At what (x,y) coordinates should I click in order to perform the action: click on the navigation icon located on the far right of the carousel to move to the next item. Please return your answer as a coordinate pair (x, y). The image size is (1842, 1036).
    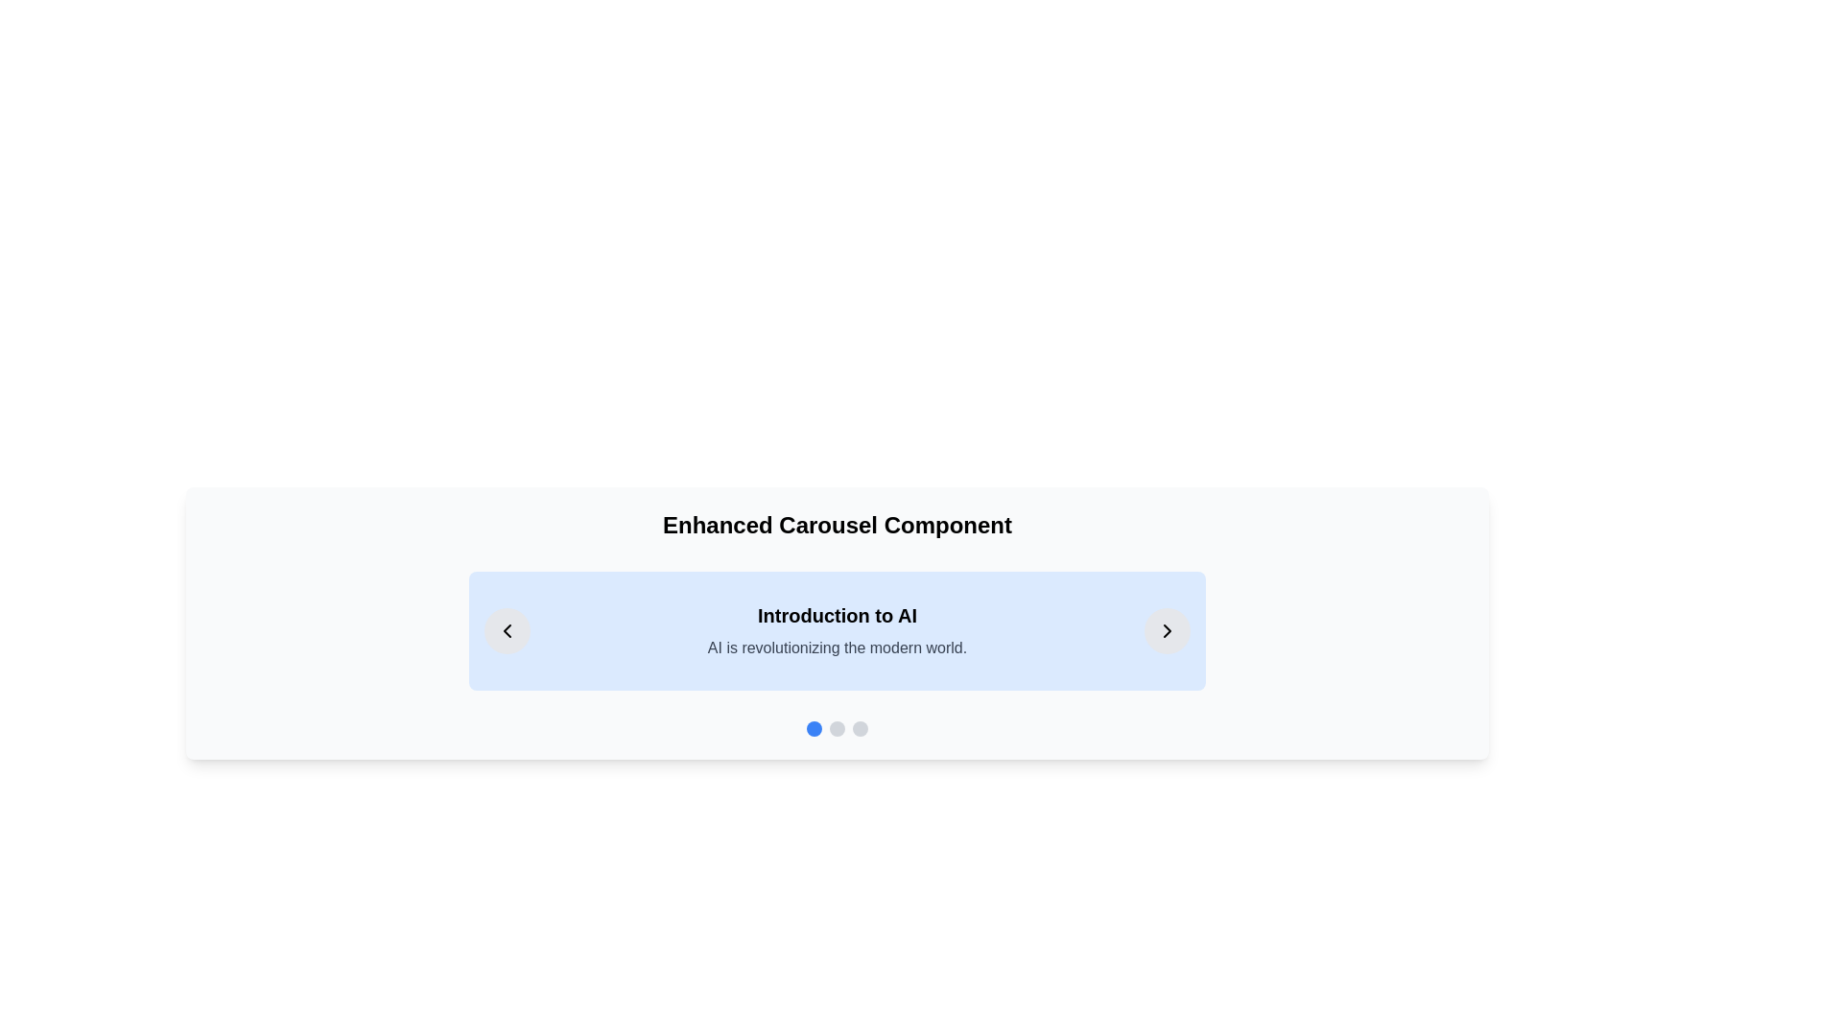
    Looking at the image, I should click on (1167, 631).